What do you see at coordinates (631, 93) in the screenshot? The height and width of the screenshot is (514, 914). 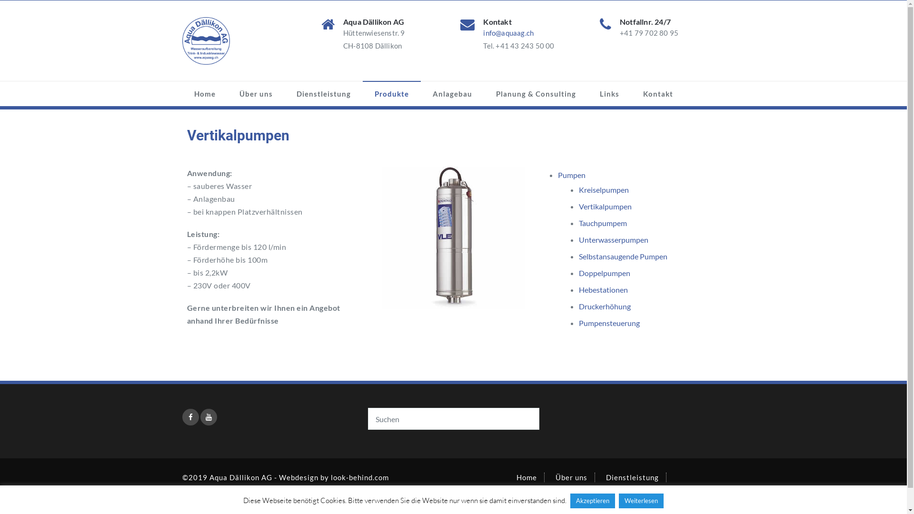 I see `'Kontakt'` at bounding box center [631, 93].